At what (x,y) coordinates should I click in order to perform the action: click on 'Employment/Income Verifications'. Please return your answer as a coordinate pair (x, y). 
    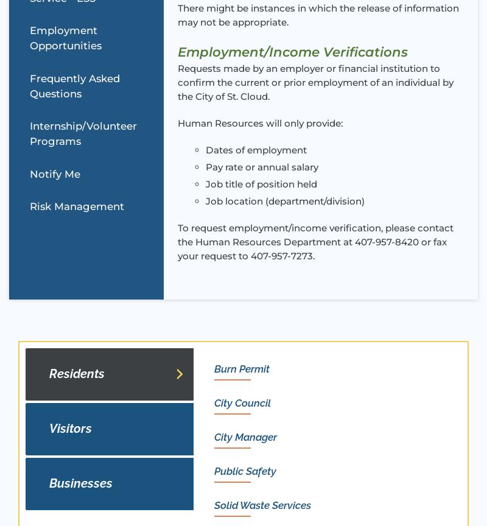
    Looking at the image, I should click on (292, 52).